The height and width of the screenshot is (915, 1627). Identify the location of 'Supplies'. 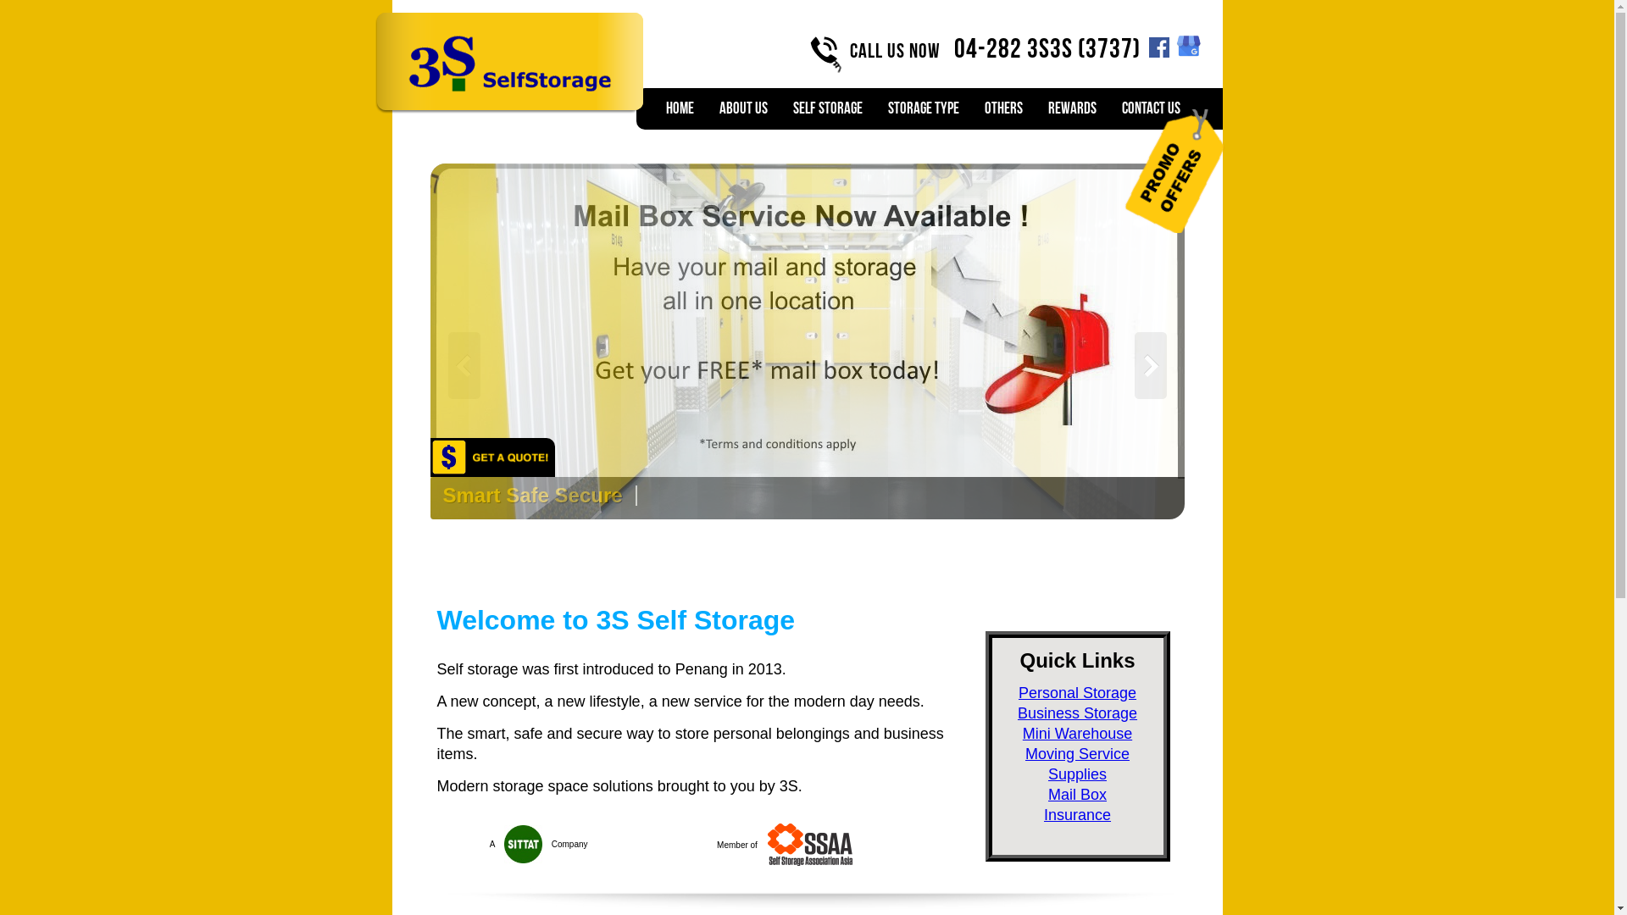
(1076, 774).